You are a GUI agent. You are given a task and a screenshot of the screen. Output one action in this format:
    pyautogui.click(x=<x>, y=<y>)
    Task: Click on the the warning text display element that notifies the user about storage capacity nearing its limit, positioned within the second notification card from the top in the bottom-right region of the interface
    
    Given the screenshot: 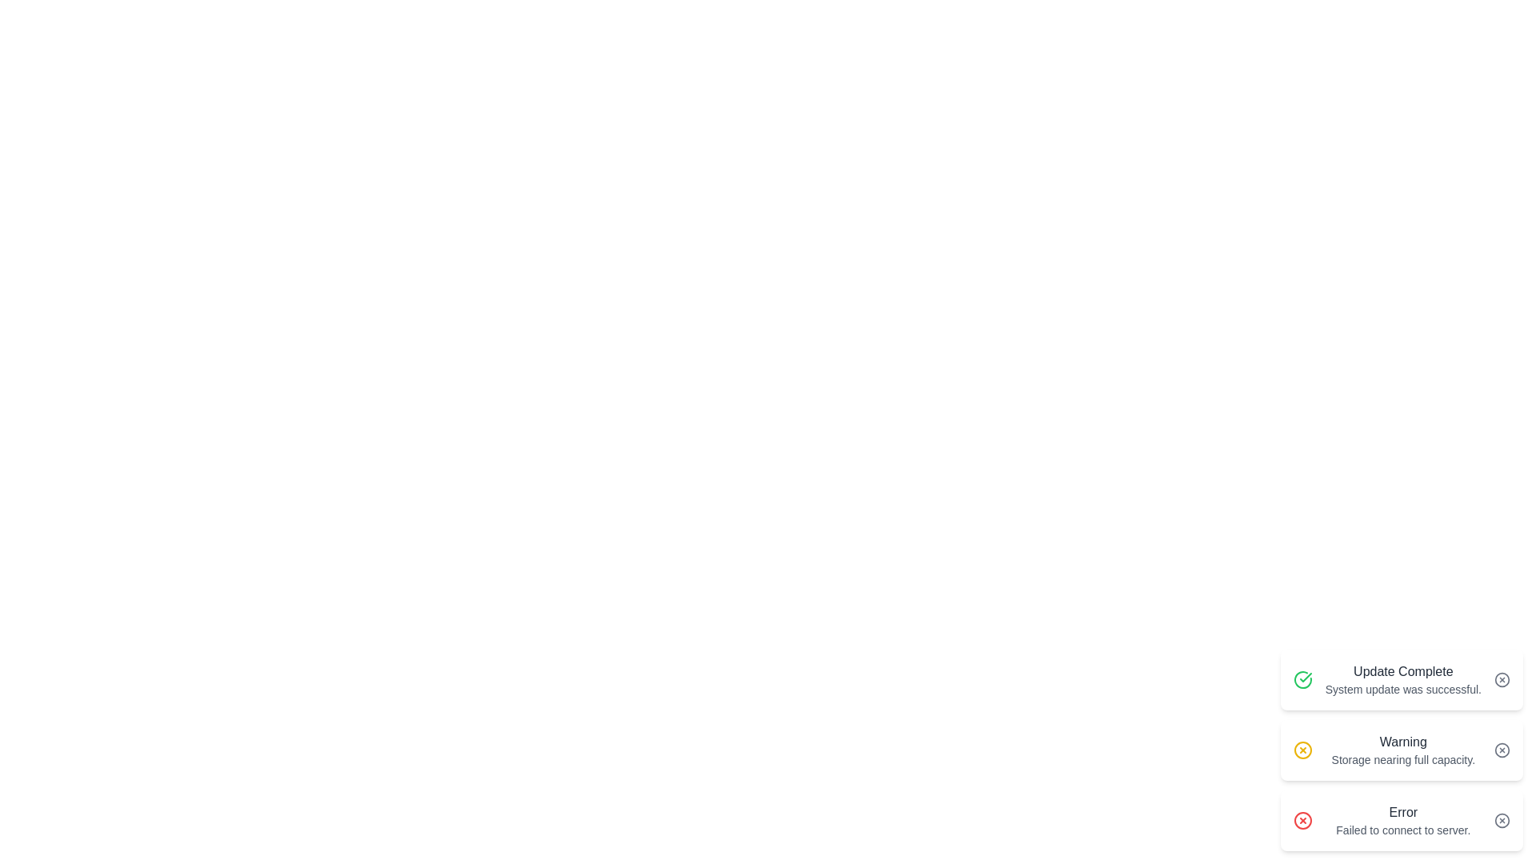 What is the action you would take?
    pyautogui.click(x=1402, y=750)
    